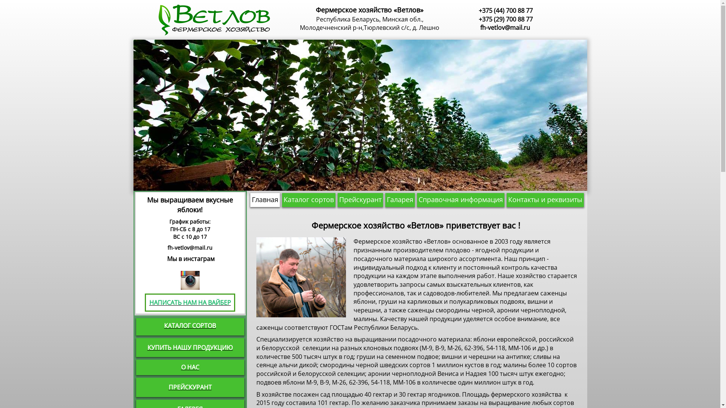 The height and width of the screenshot is (408, 726). Describe the element at coordinates (505, 27) in the screenshot. I see `'fh-vetlov@mail.ru'` at that location.